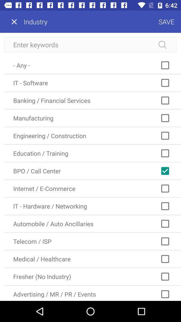 This screenshot has height=322, width=181. What do you see at coordinates (90, 44) in the screenshot?
I see `the item below the save` at bounding box center [90, 44].